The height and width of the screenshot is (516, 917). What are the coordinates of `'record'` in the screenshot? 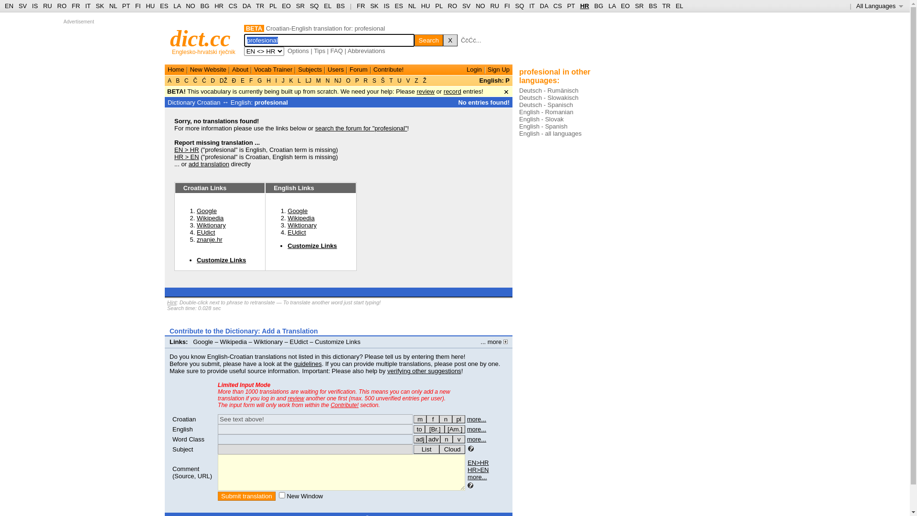 It's located at (443, 91).